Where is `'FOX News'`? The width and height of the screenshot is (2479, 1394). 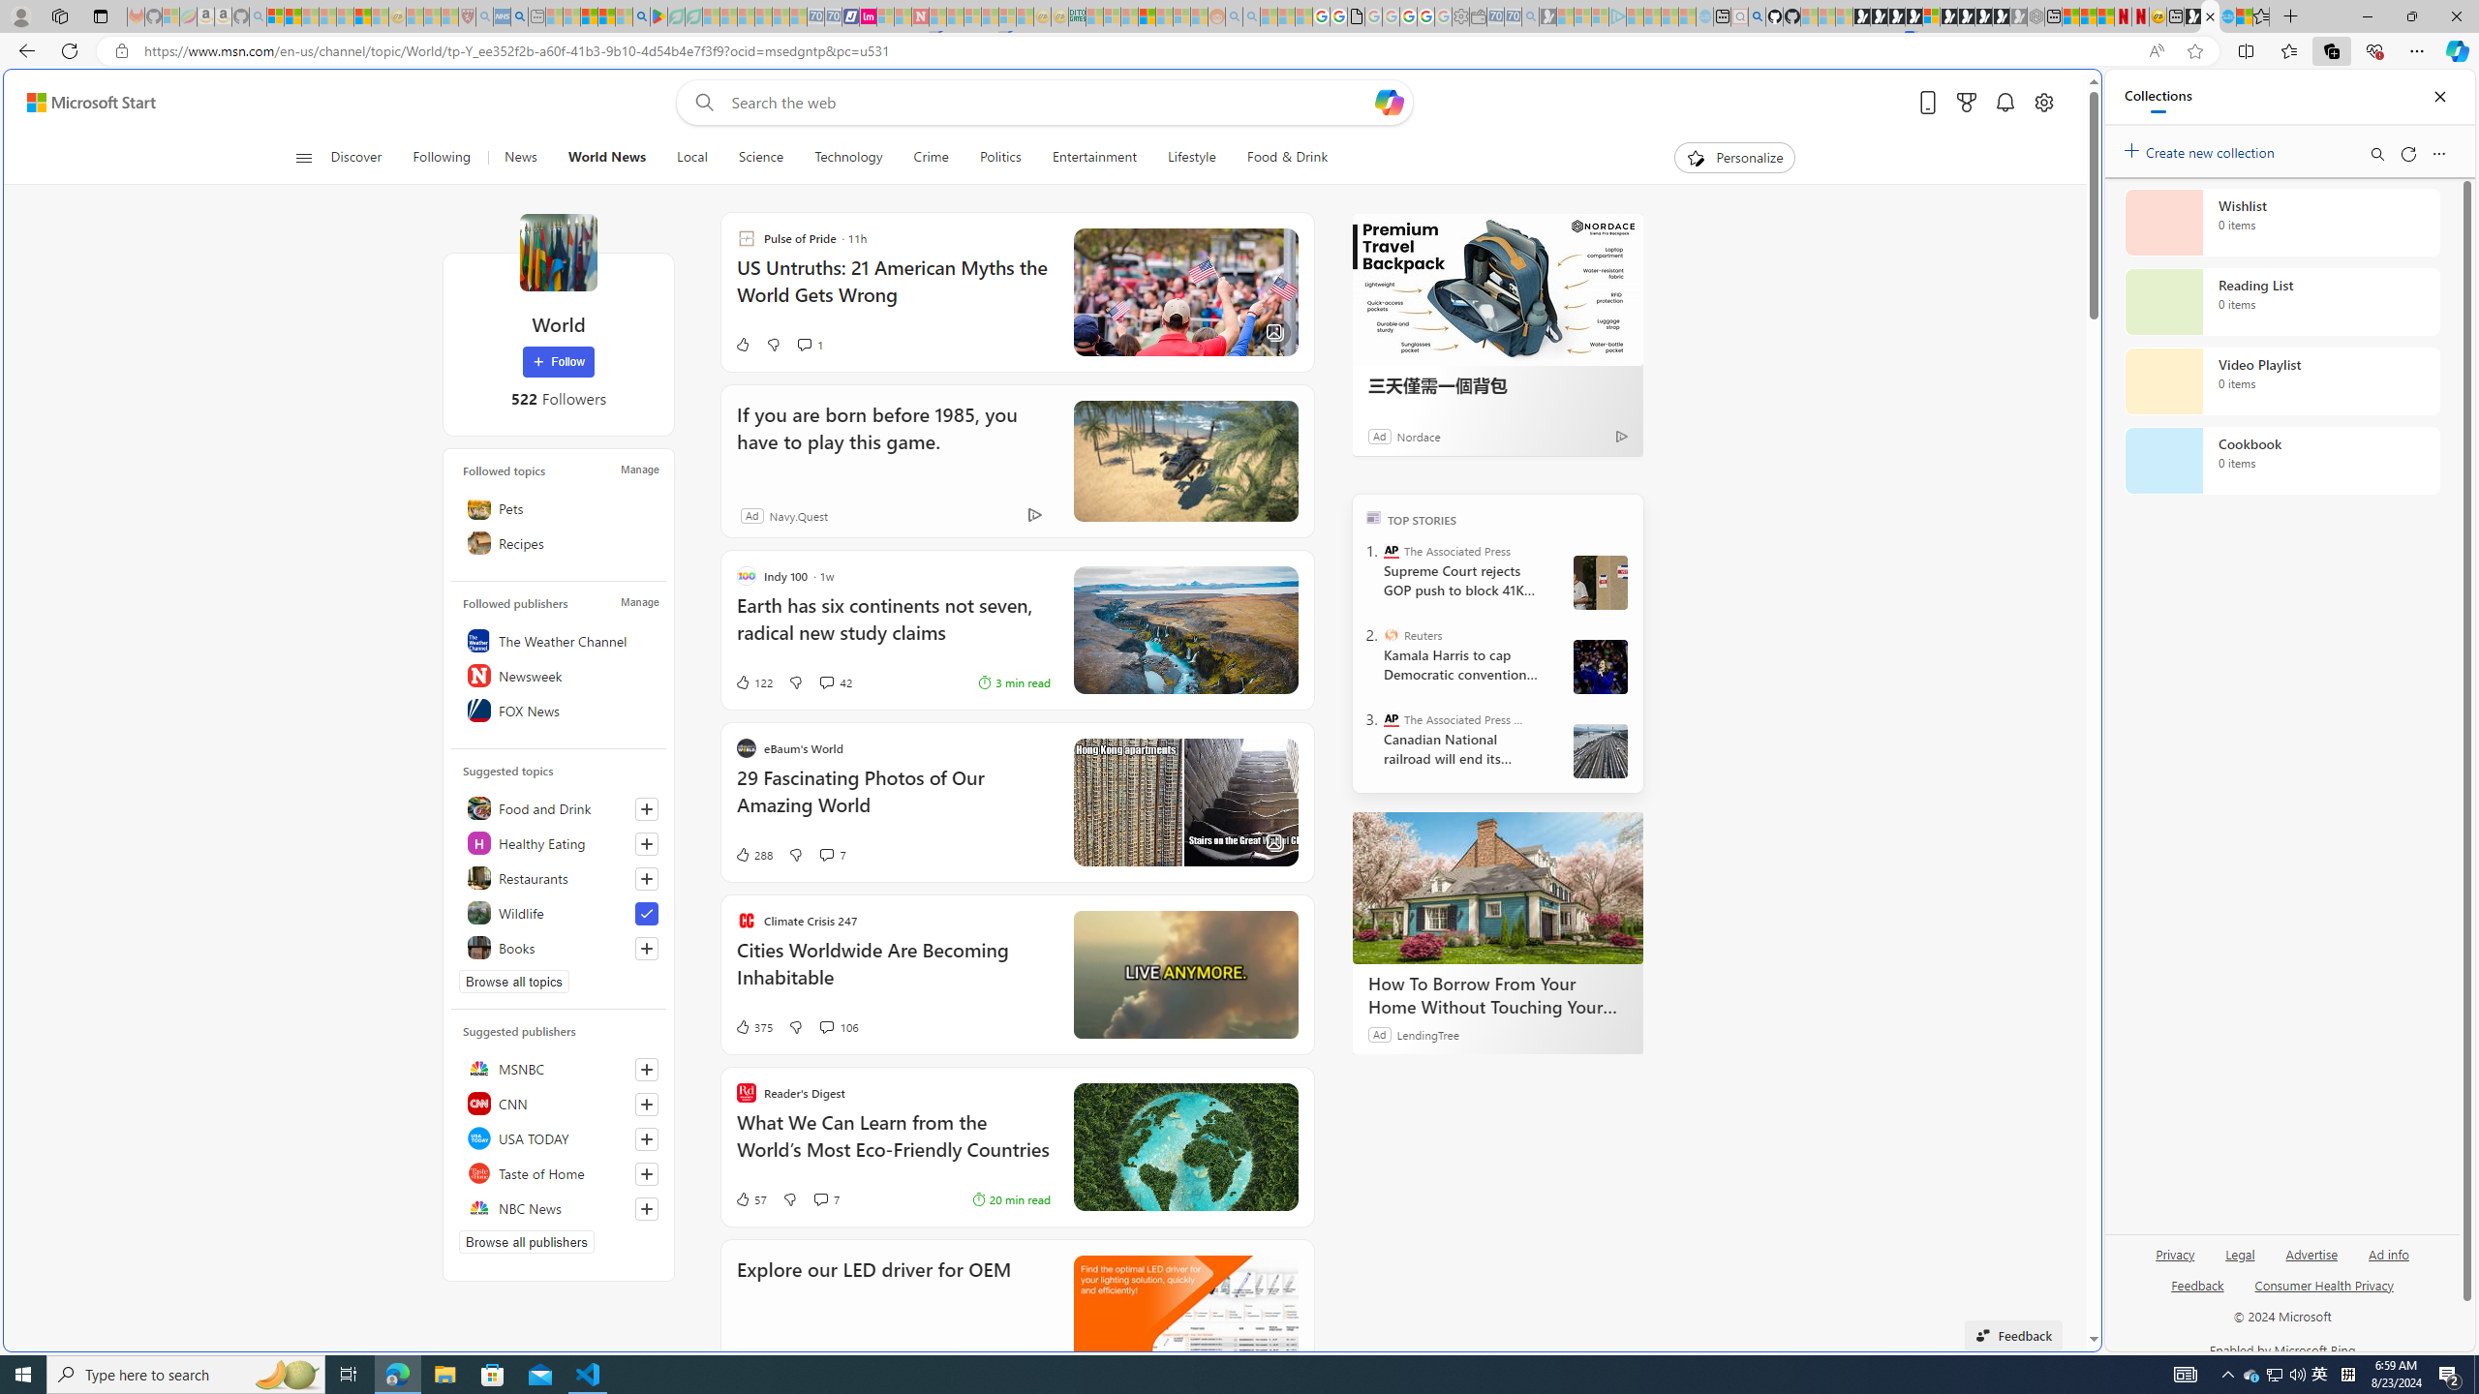 'FOX News' is located at coordinates (557, 711).